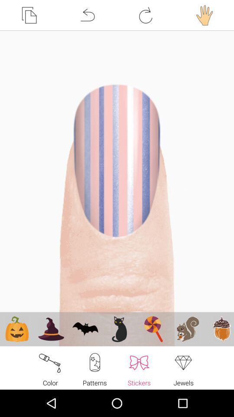 The width and height of the screenshot is (234, 417). Describe the element at coordinates (51, 328) in the screenshot. I see `the hat emoji` at that location.